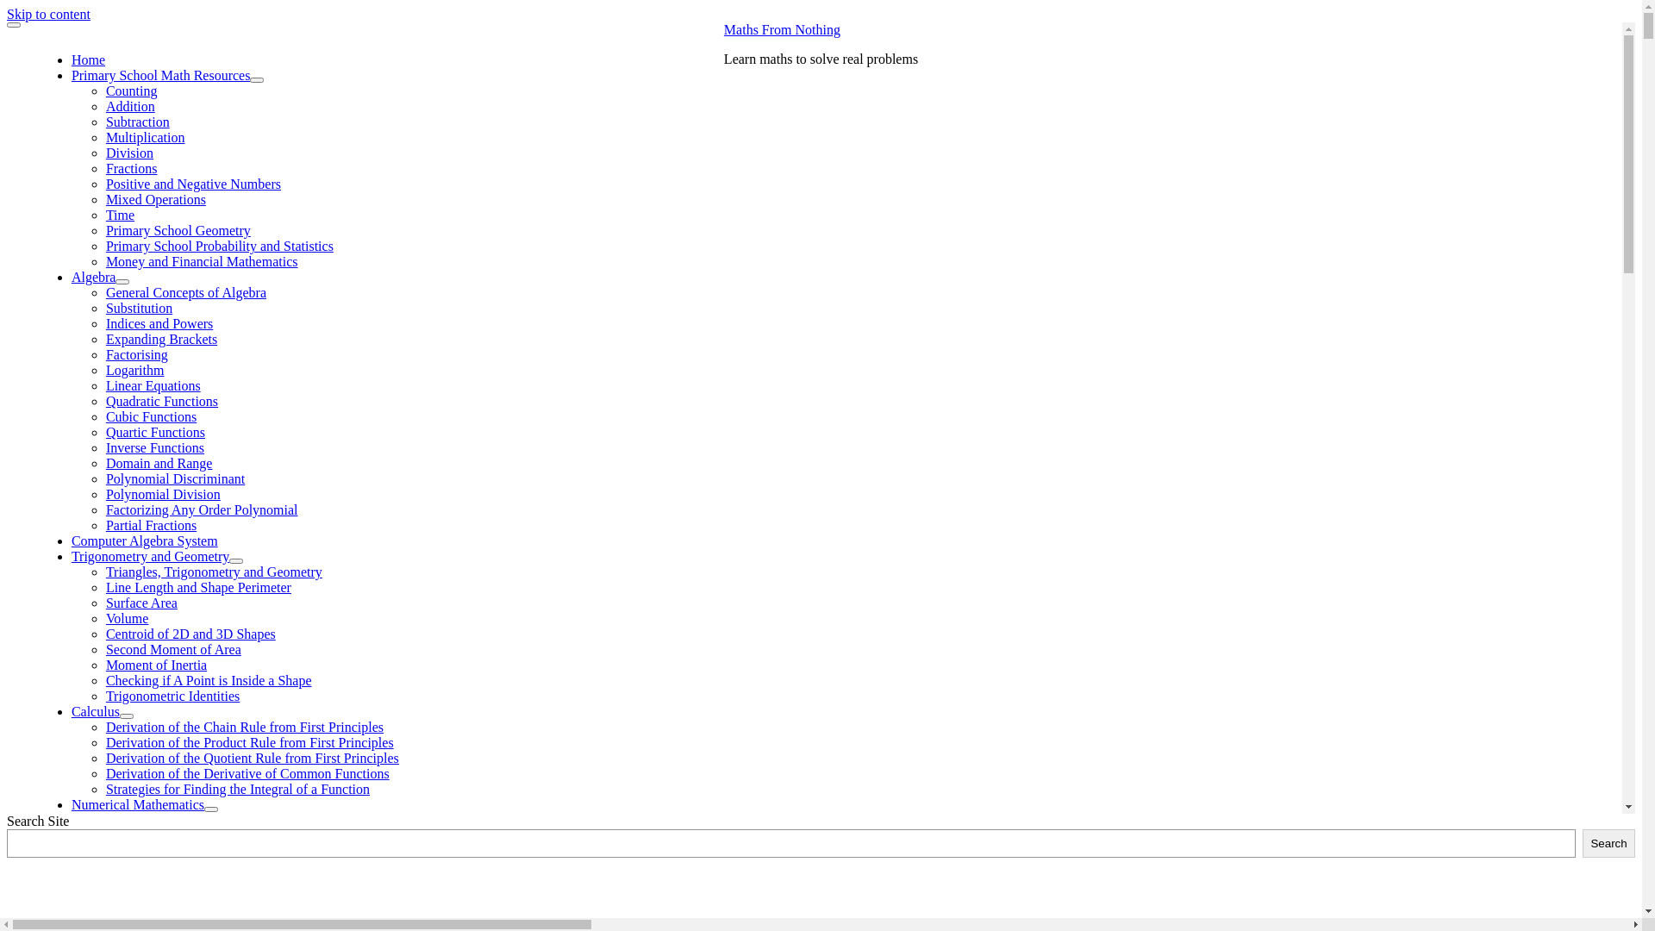  What do you see at coordinates (724, 29) in the screenshot?
I see `'Maths From Nothing'` at bounding box center [724, 29].